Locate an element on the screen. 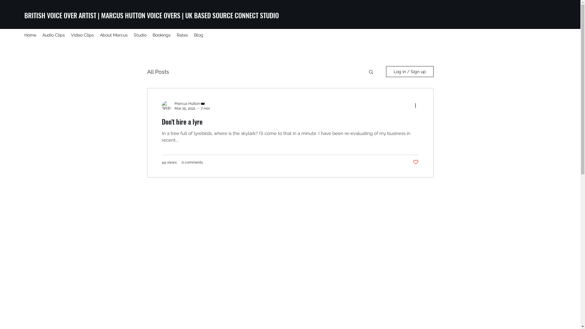  'Post not marked as liked' is located at coordinates (415, 162).